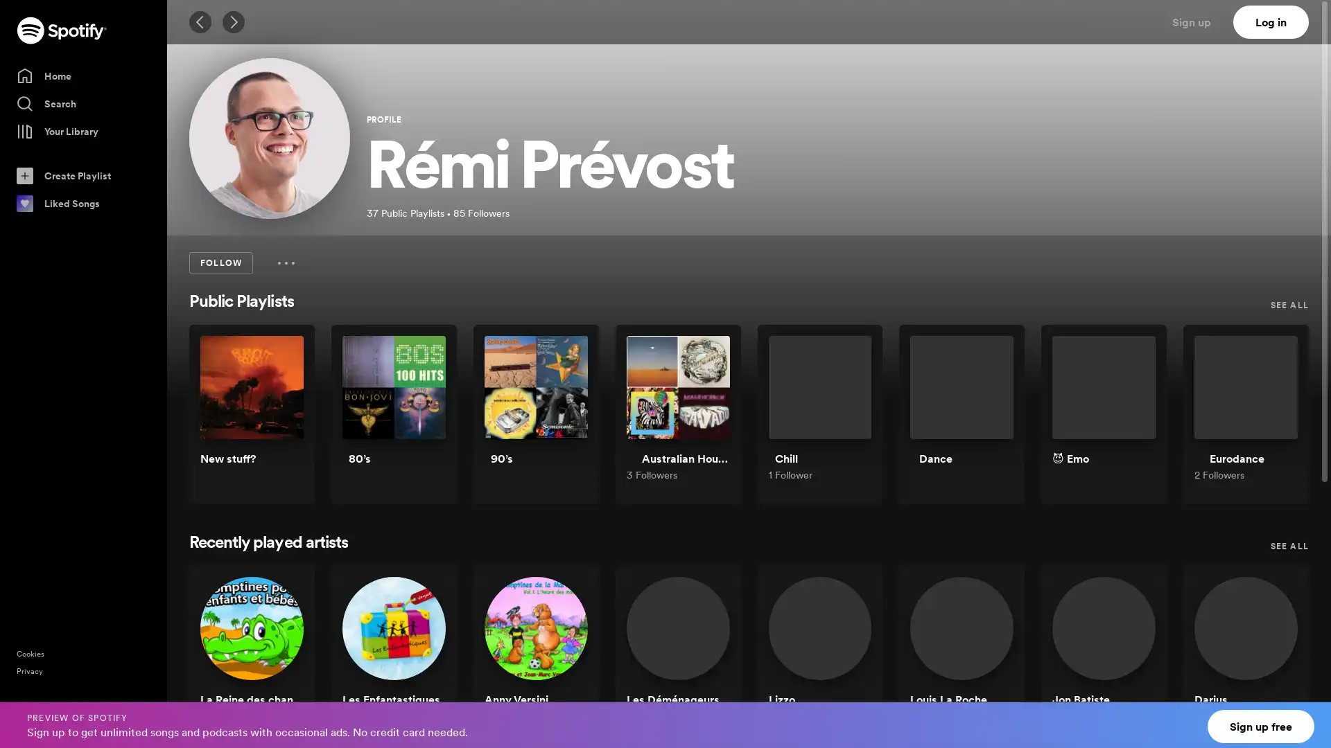 Image resolution: width=1331 pixels, height=748 pixels. I want to click on Play New stuff?, so click(279, 421).